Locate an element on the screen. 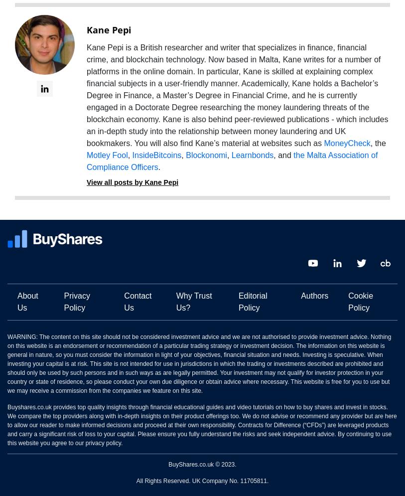 The width and height of the screenshot is (405, 496). 'Blockonomi' is located at coordinates (206, 155).